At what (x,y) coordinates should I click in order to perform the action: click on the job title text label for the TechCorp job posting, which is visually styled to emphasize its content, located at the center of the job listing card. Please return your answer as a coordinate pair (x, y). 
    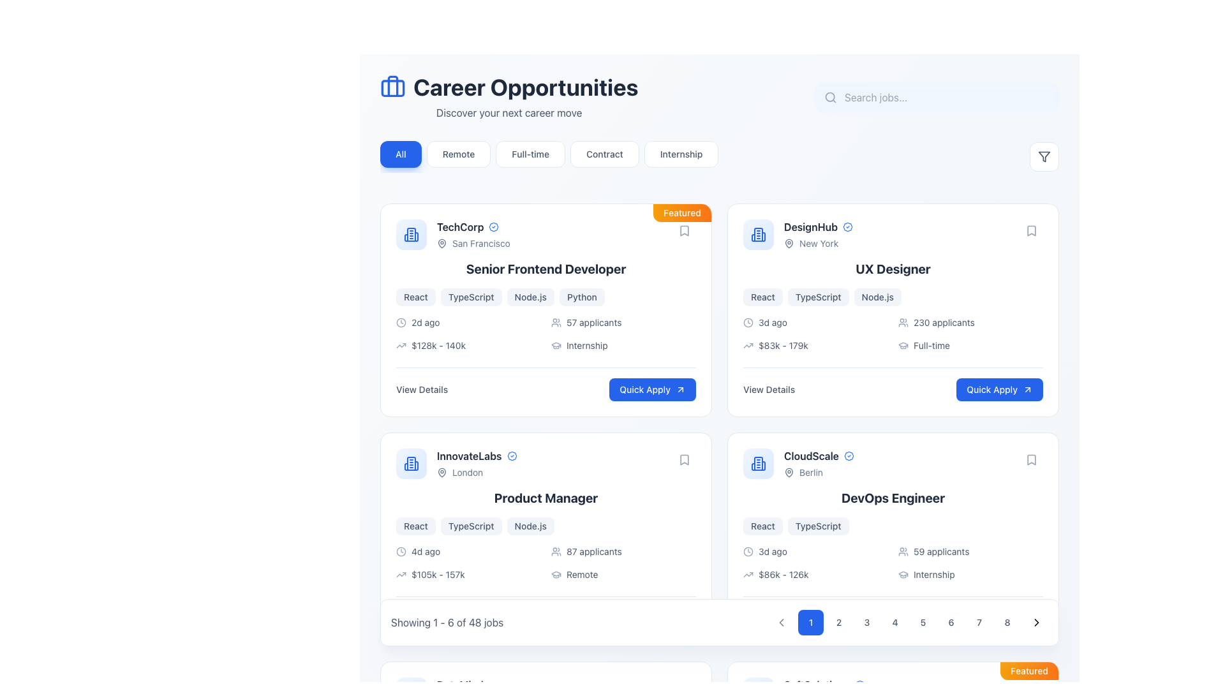
    Looking at the image, I should click on (546, 268).